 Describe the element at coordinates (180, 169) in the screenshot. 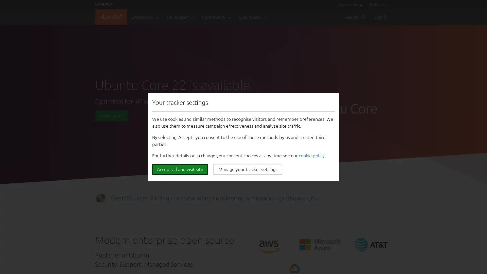

I see `Accept all and visit site` at that location.